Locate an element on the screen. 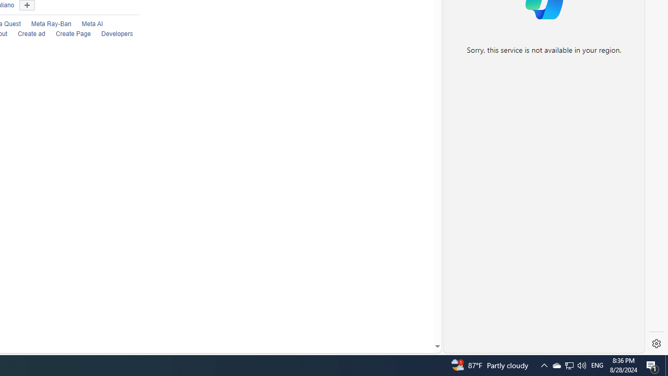 The height and width of the screenshot is (376, 668). 'Meta AI' is located at coordinates (92, 23).